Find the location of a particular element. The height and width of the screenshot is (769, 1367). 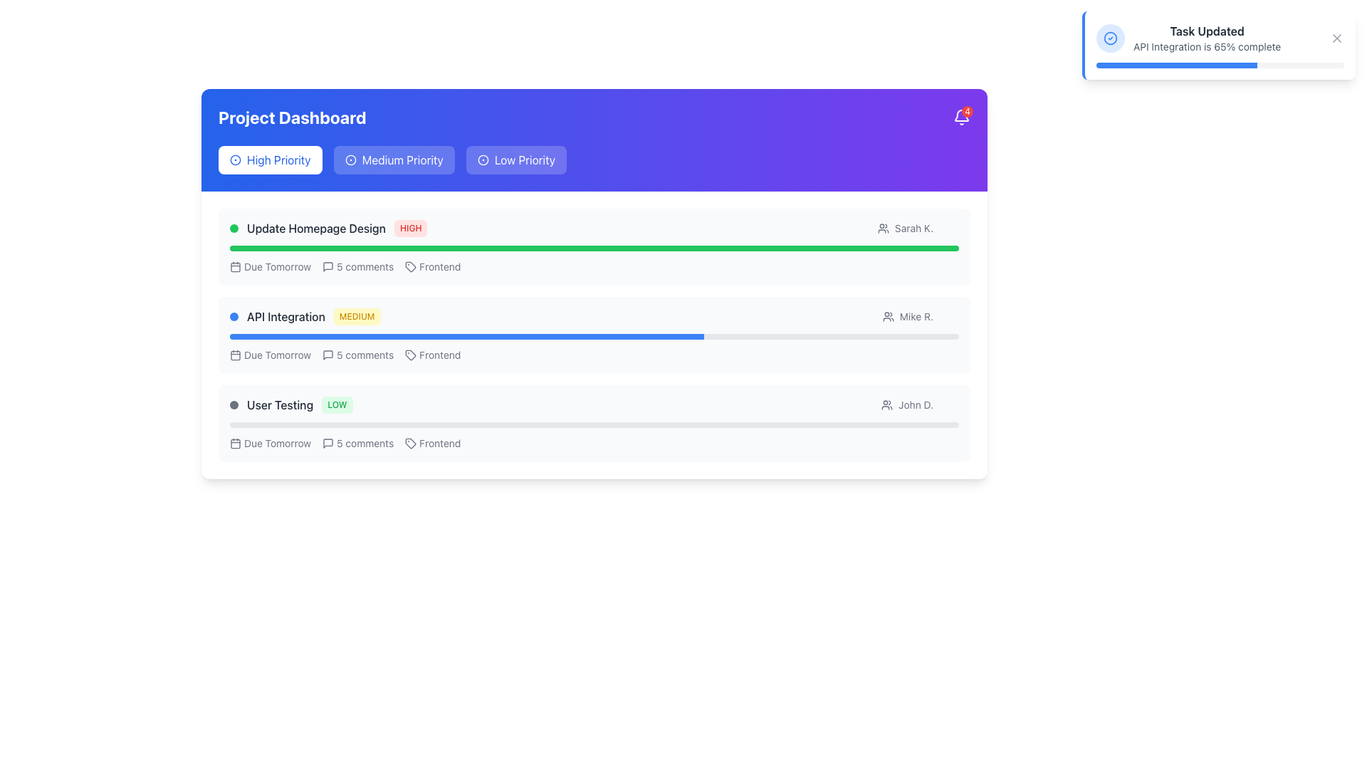

the icon that visually indicates the 'Due Tomorrow' label, located to the left of the text in the update row titled 'Update Homepage Design' is located at coordinates (236, 266).